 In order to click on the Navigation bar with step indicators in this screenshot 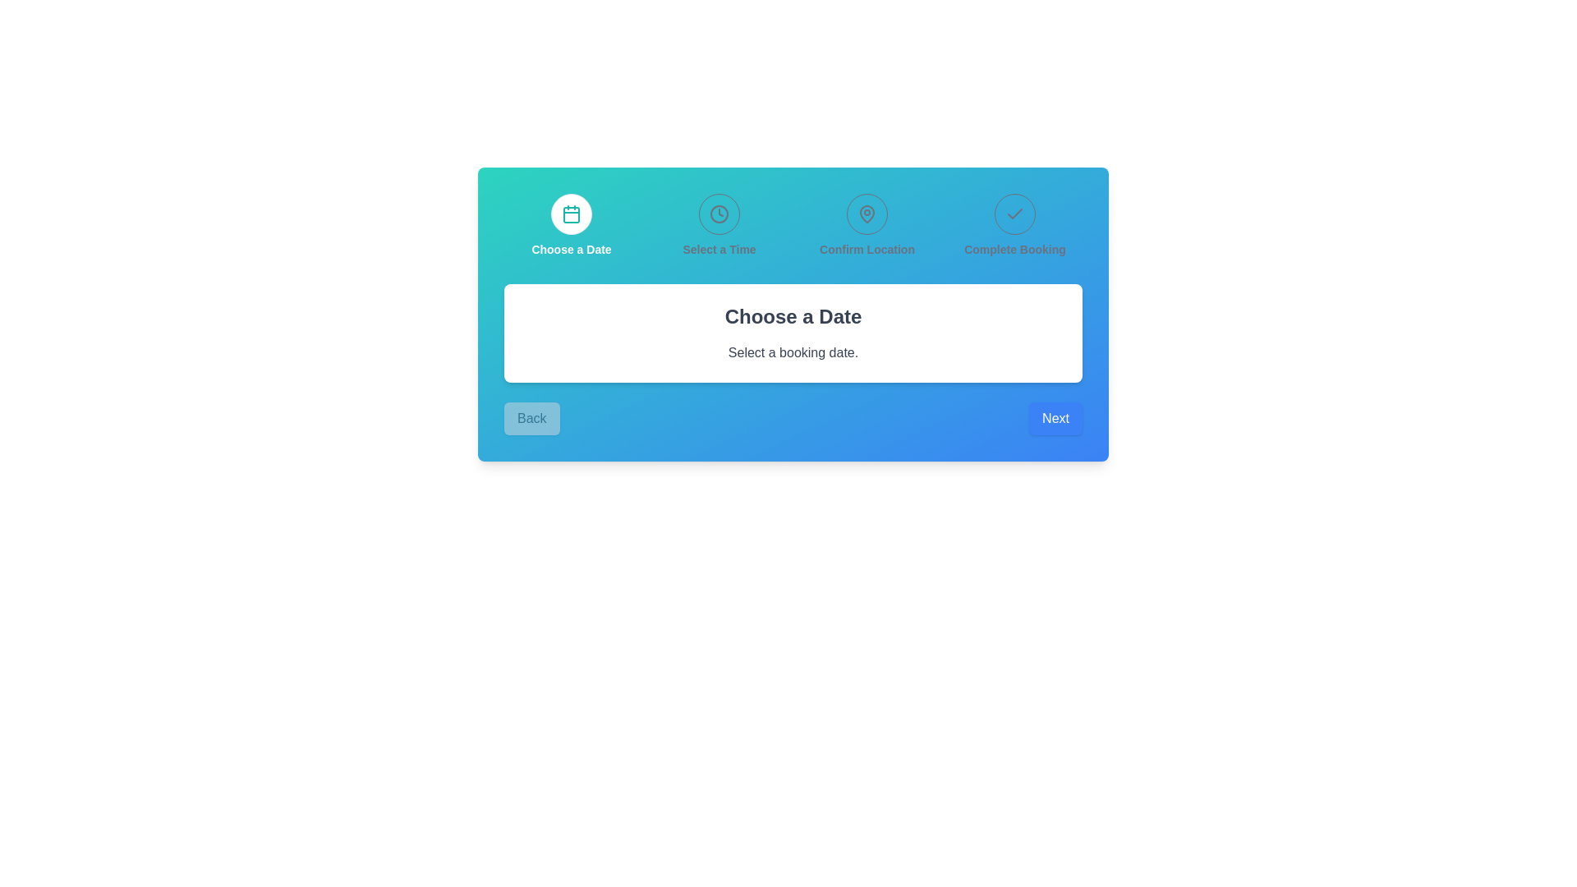, I will do `click(793, 225)`.